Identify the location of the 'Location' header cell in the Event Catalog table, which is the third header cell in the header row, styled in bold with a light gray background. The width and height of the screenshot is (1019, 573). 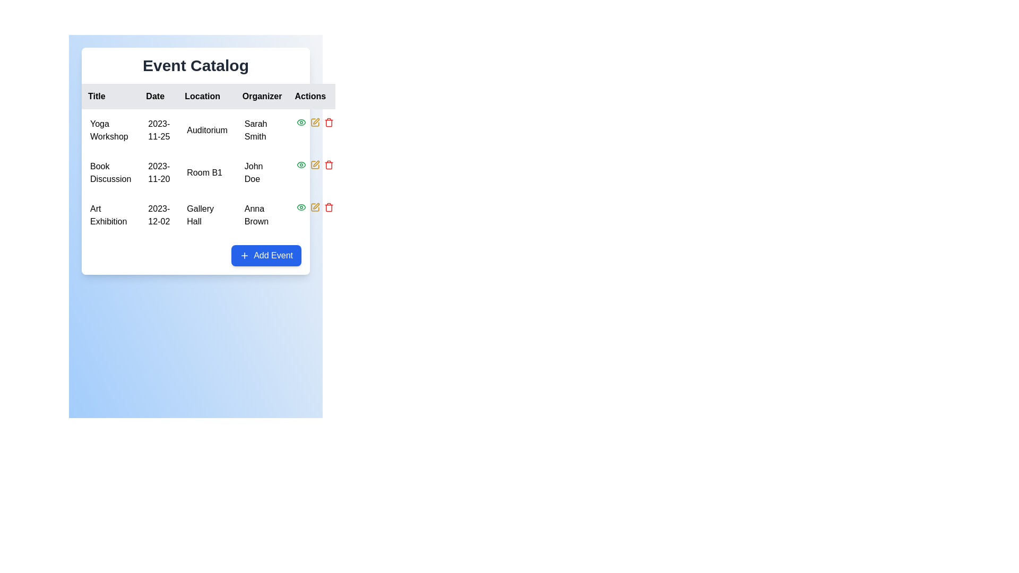
(212, 96).